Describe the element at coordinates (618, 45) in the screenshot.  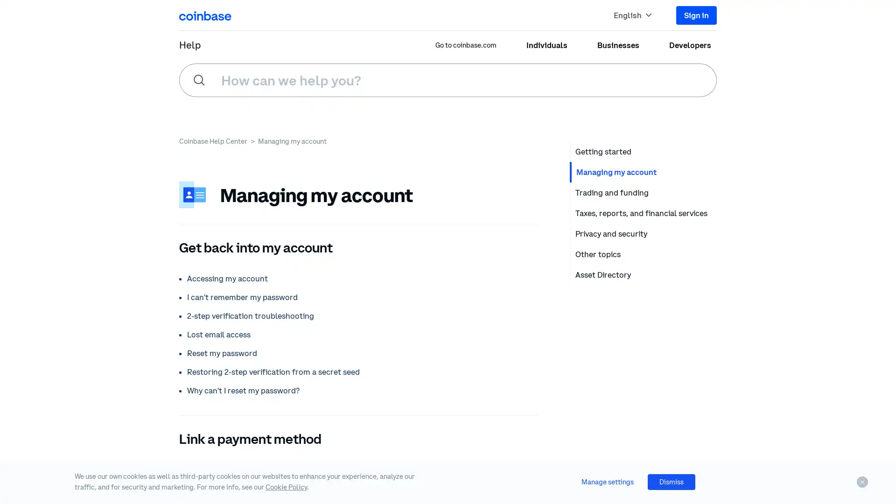
I see `Businesses` at that location.